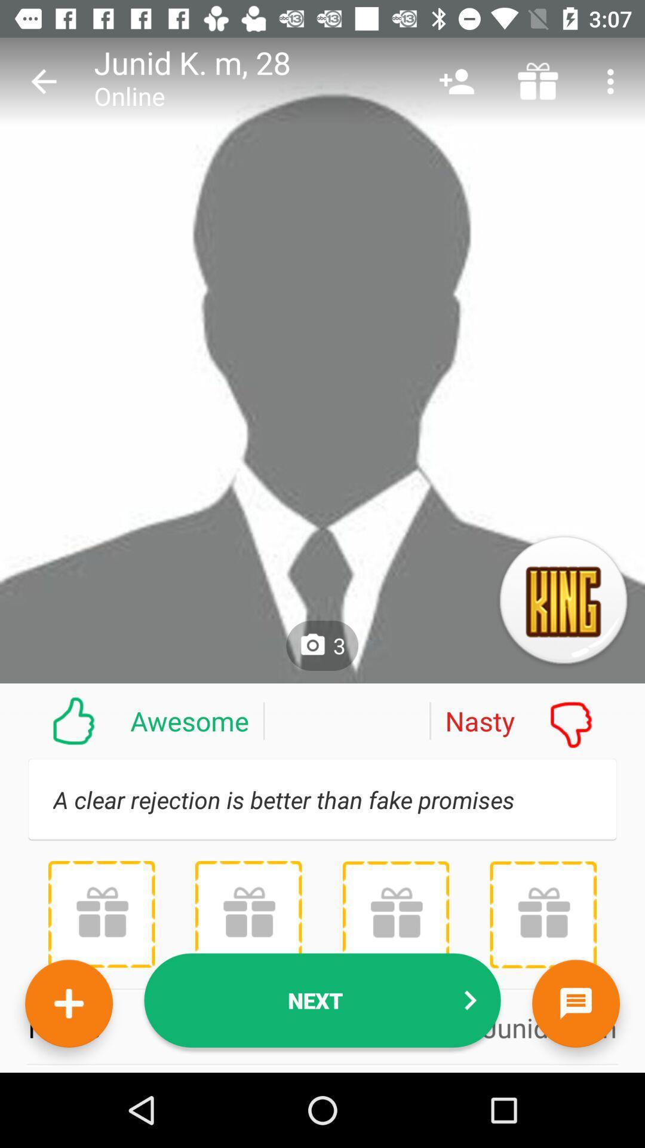 Image resolution: width=645 pixels, height=1148 pixels. I want to click on item above the name icon, so click(101, 914).